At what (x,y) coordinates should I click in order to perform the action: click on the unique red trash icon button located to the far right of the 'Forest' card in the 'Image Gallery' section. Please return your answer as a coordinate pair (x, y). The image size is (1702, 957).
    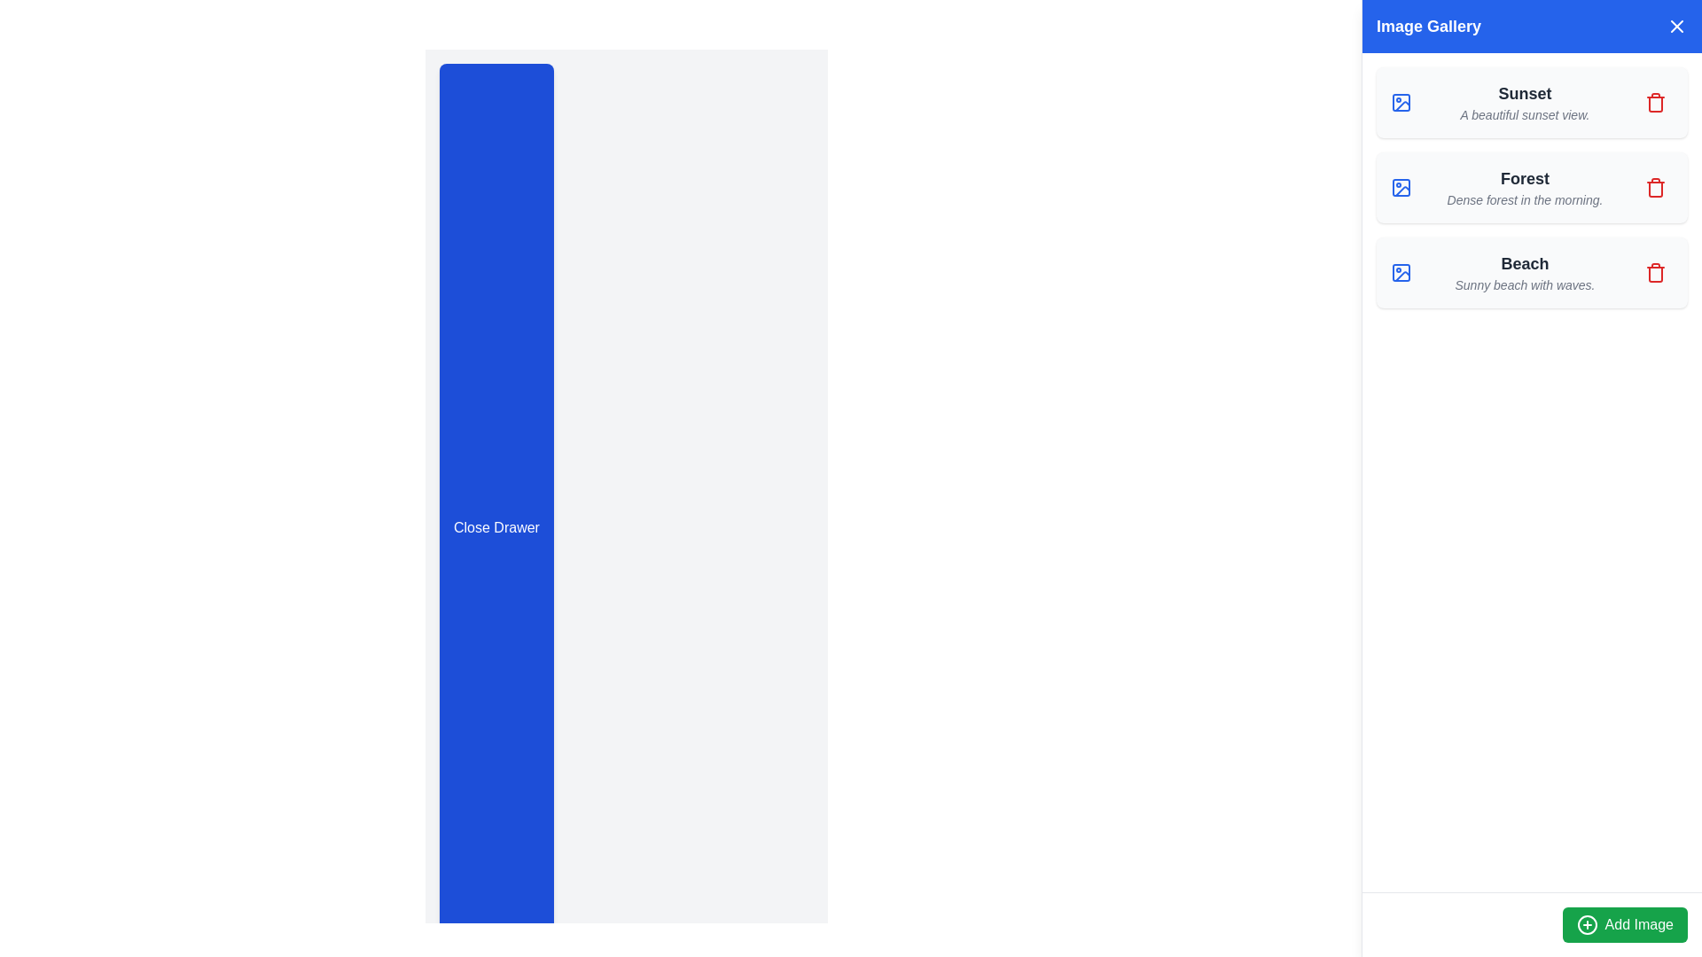
    Looking at the image, I should click on (1654, 188).